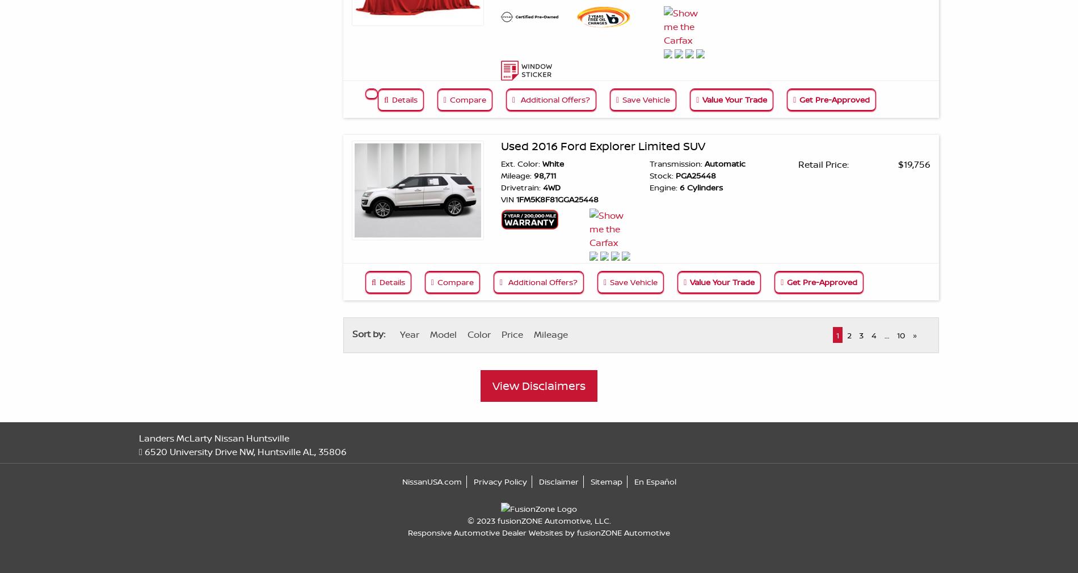 Image resolution: width=1078 pixels, height=573 pixels. Describe the element at coordinates (499, 481) in the screenshot. I see `'Privacy Policy'` at that location.